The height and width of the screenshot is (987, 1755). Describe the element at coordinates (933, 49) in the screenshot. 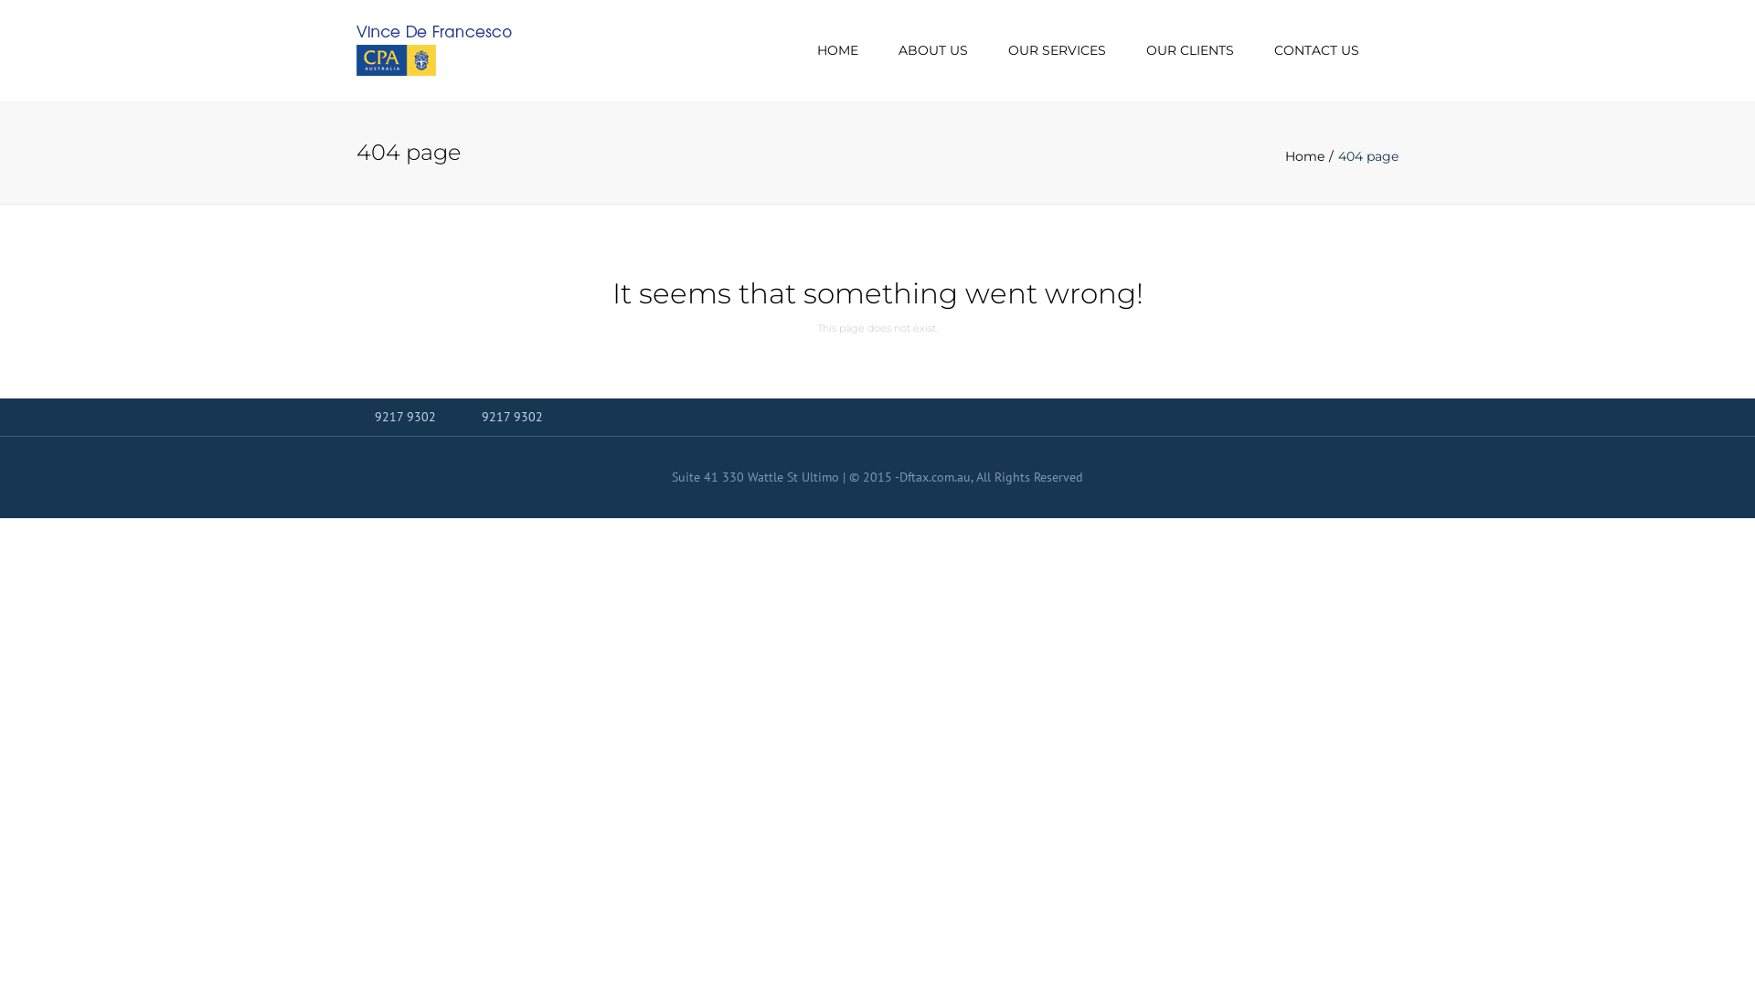

I see `'ABOUT US'` at that location.